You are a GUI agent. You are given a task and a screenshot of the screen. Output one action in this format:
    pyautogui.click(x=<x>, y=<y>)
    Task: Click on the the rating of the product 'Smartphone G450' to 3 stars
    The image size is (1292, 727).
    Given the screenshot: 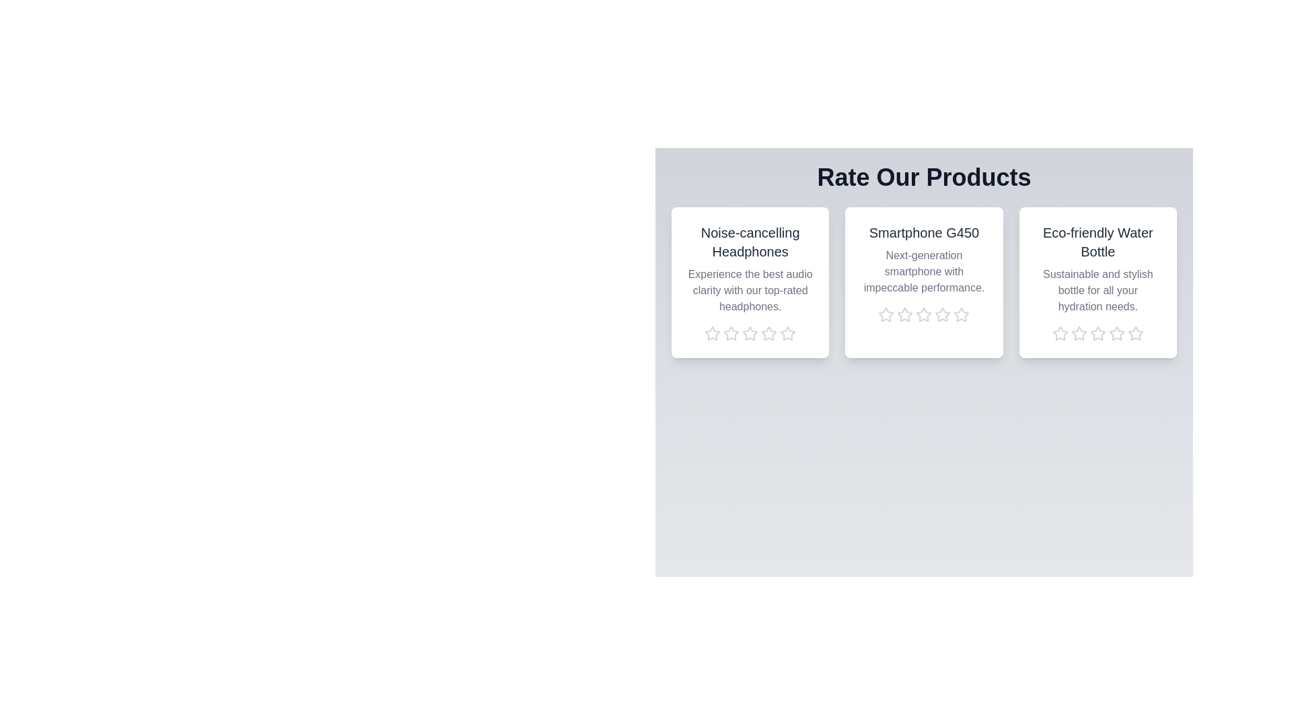 What is the action you would take?
    pyautogui.click(x=923, y=314)
    